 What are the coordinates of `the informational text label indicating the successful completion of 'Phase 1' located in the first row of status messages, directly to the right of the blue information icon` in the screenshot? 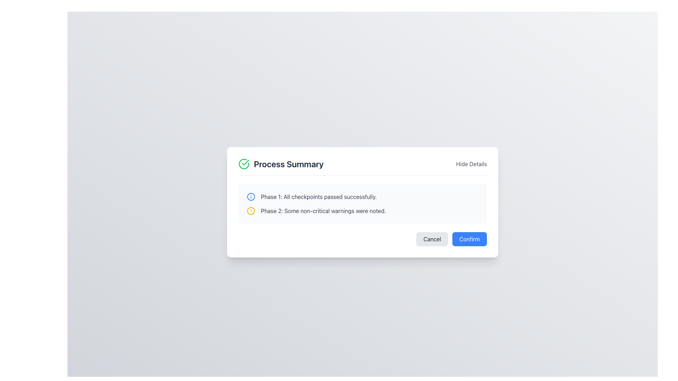 It's located at (318, 196).